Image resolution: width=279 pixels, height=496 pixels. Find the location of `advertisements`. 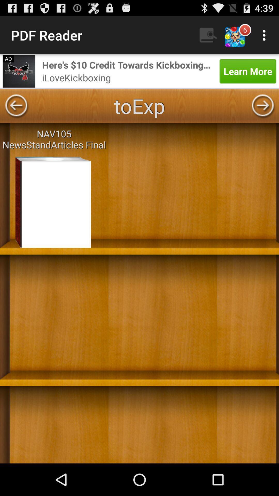

advertisements is located at coordinates (19, 71).